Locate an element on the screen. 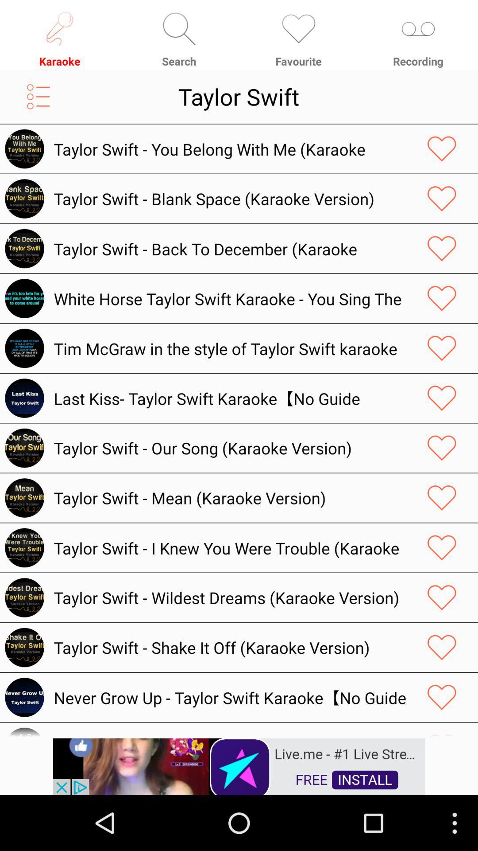 The image size is (478, 851). love button is located at coordinates (442, 198).